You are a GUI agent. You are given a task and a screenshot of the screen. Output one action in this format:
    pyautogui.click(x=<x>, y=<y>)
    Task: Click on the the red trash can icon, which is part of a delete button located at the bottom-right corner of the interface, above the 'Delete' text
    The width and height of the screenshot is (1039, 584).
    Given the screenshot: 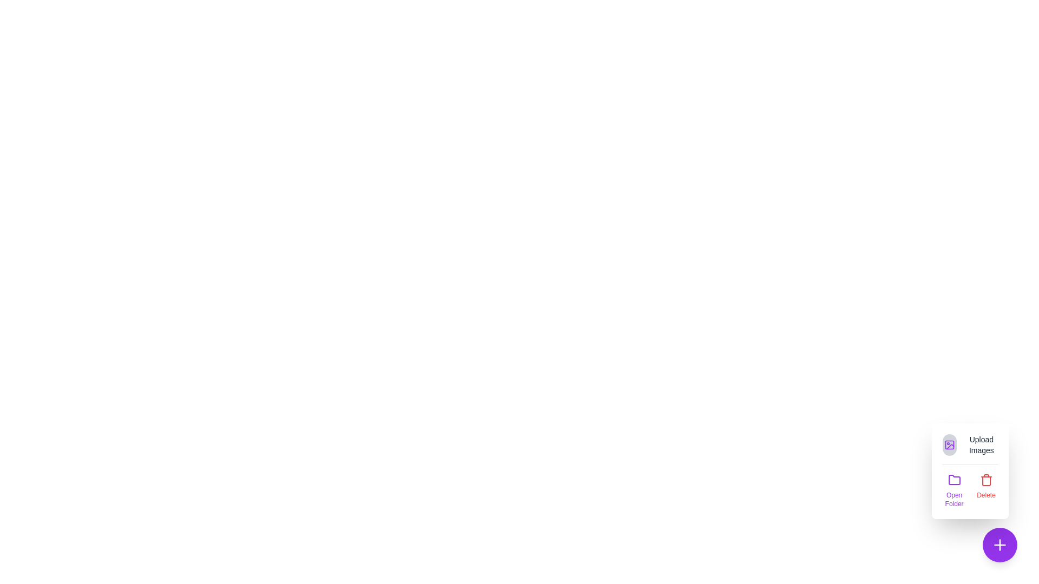 What is the action you would take?
    pyautogui.click(x=986, y=479)
    